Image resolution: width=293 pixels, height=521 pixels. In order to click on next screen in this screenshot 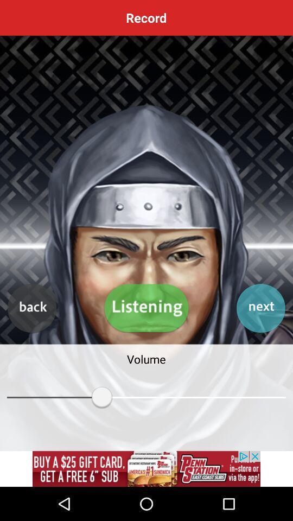, I will do `click(260, 308)`.